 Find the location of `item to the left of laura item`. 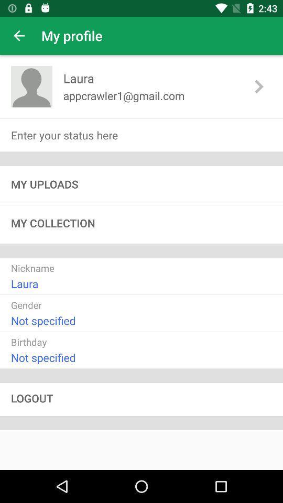

item to the left of laura item is located at coordinates (31, 86).